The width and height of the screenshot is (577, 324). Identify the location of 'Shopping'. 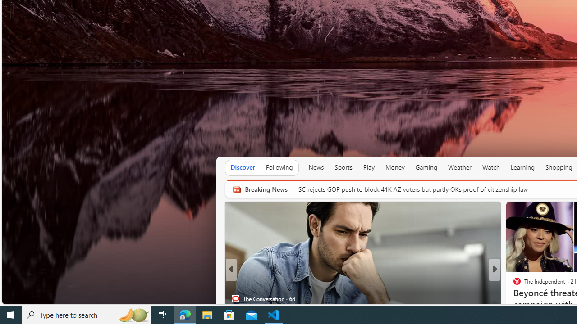
(559, 167).